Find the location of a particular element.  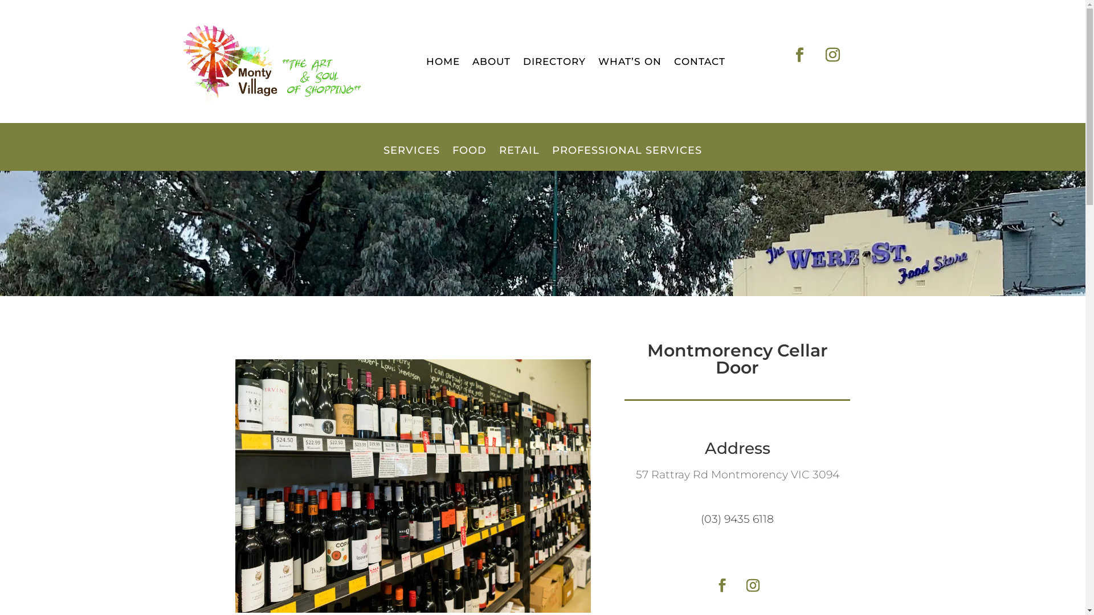

'CONTACT' is located at coordinates (699, 64).